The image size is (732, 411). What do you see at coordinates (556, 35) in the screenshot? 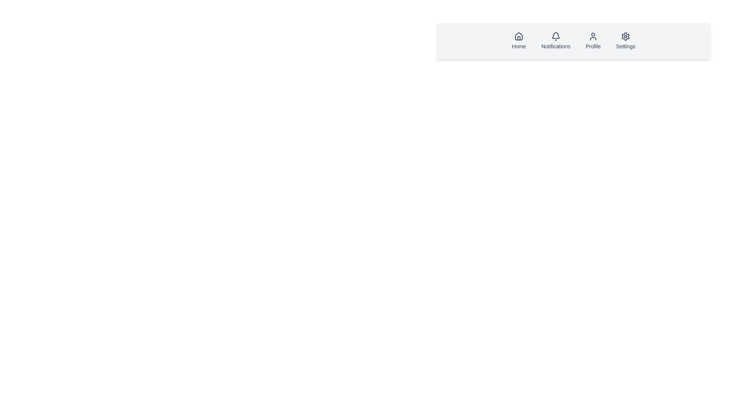
I see `the notification icon in the top navigation bar` at bounding box center [556, 35].